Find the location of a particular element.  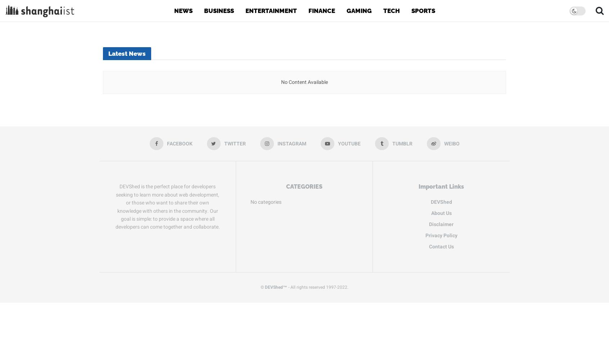

'Privacy Policy' is located at coordinates (441, 235).